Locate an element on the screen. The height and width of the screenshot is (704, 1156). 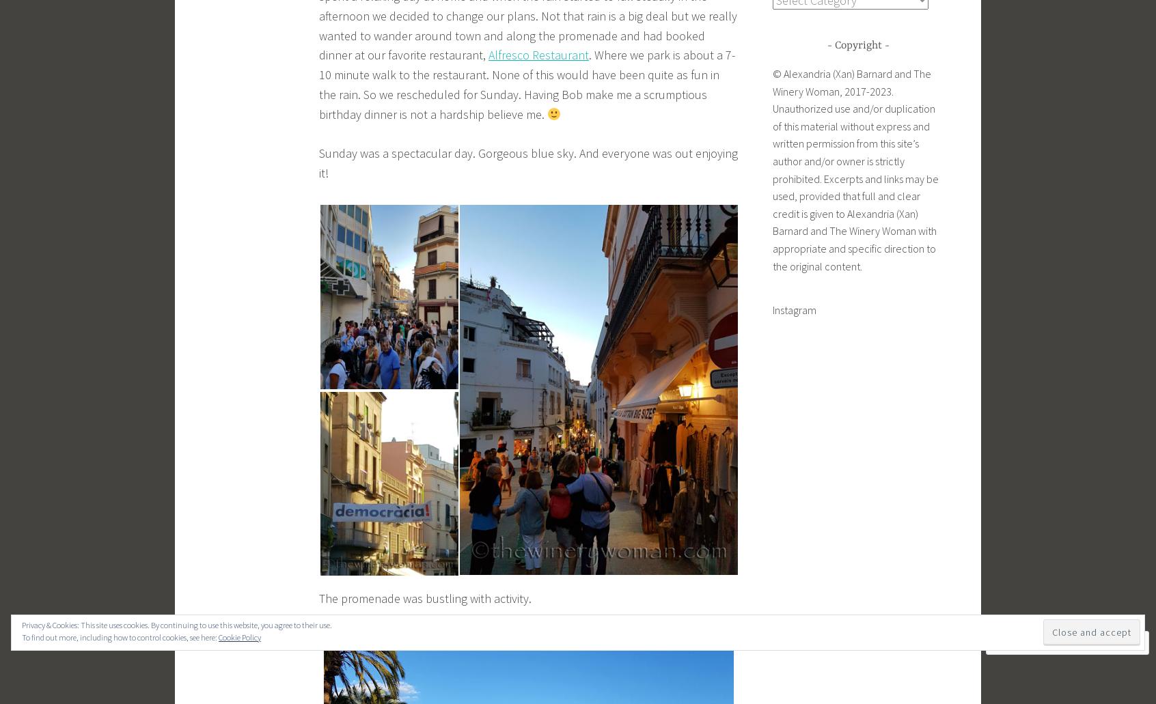
'Instagram' is located at coordinates (794, 309).